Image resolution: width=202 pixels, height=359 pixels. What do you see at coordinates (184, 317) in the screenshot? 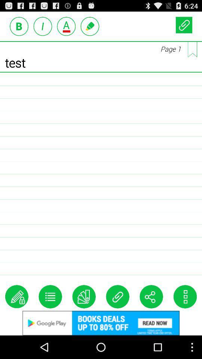
I see `the more icon` at bounding box center [184, 317].